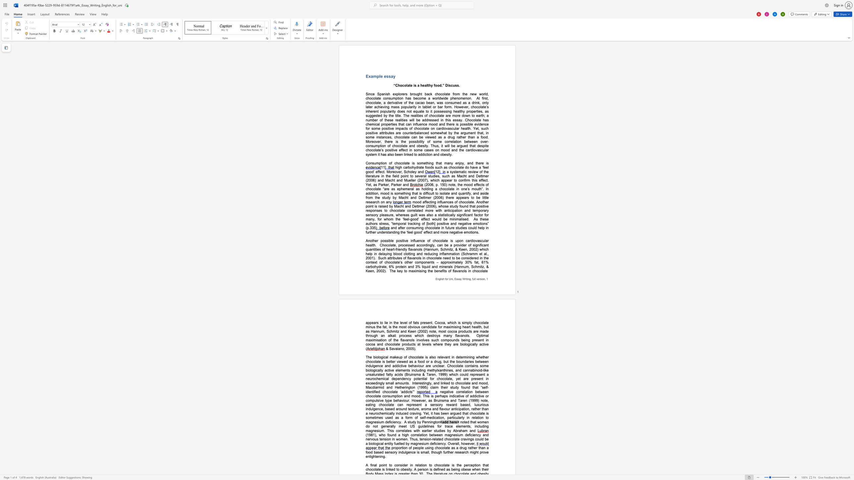 The image size is (854, 480). What do you see at coordinates (408, 396) in the screenshot?
I see `the 1th character "d" in the text` at bounding box center [408, 396].